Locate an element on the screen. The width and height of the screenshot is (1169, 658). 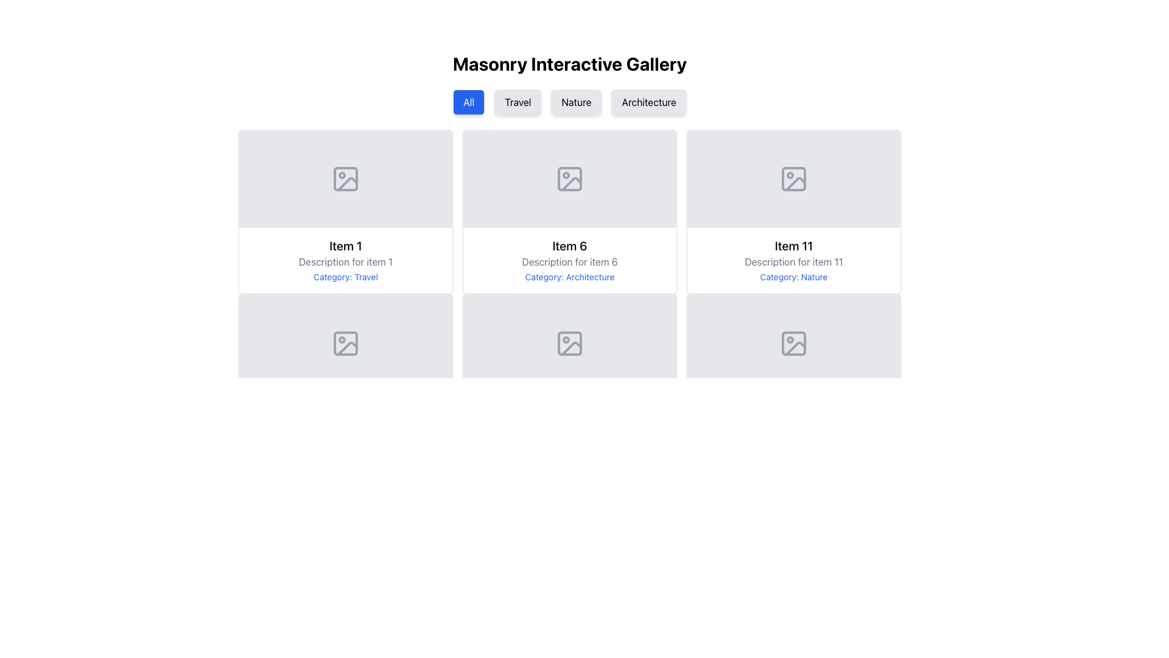
the Information block displaying details for 'Item 1', located on the first card in the lower portion beneath the icon area is located at coordinates (345, 260).